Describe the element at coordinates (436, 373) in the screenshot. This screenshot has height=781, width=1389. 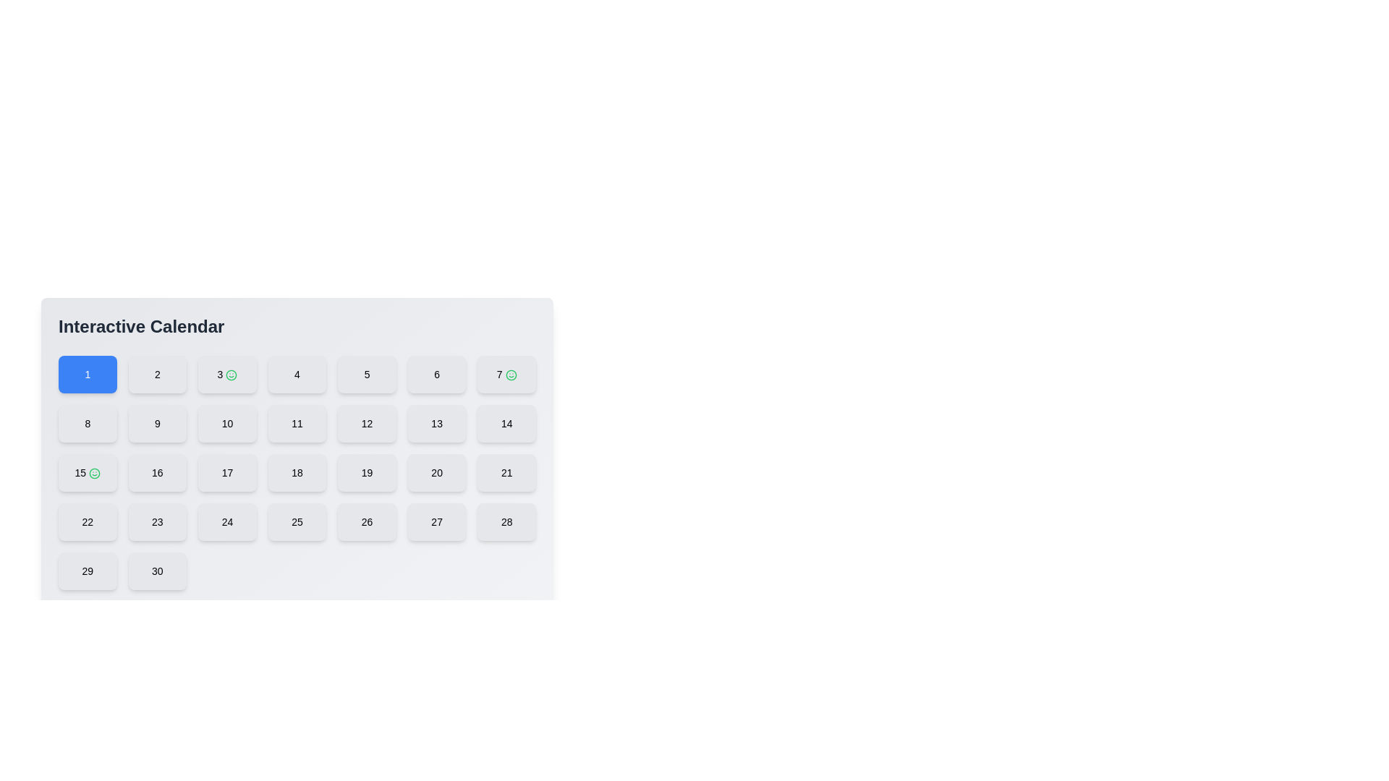
I see `the button representing the sixth day` at that location.